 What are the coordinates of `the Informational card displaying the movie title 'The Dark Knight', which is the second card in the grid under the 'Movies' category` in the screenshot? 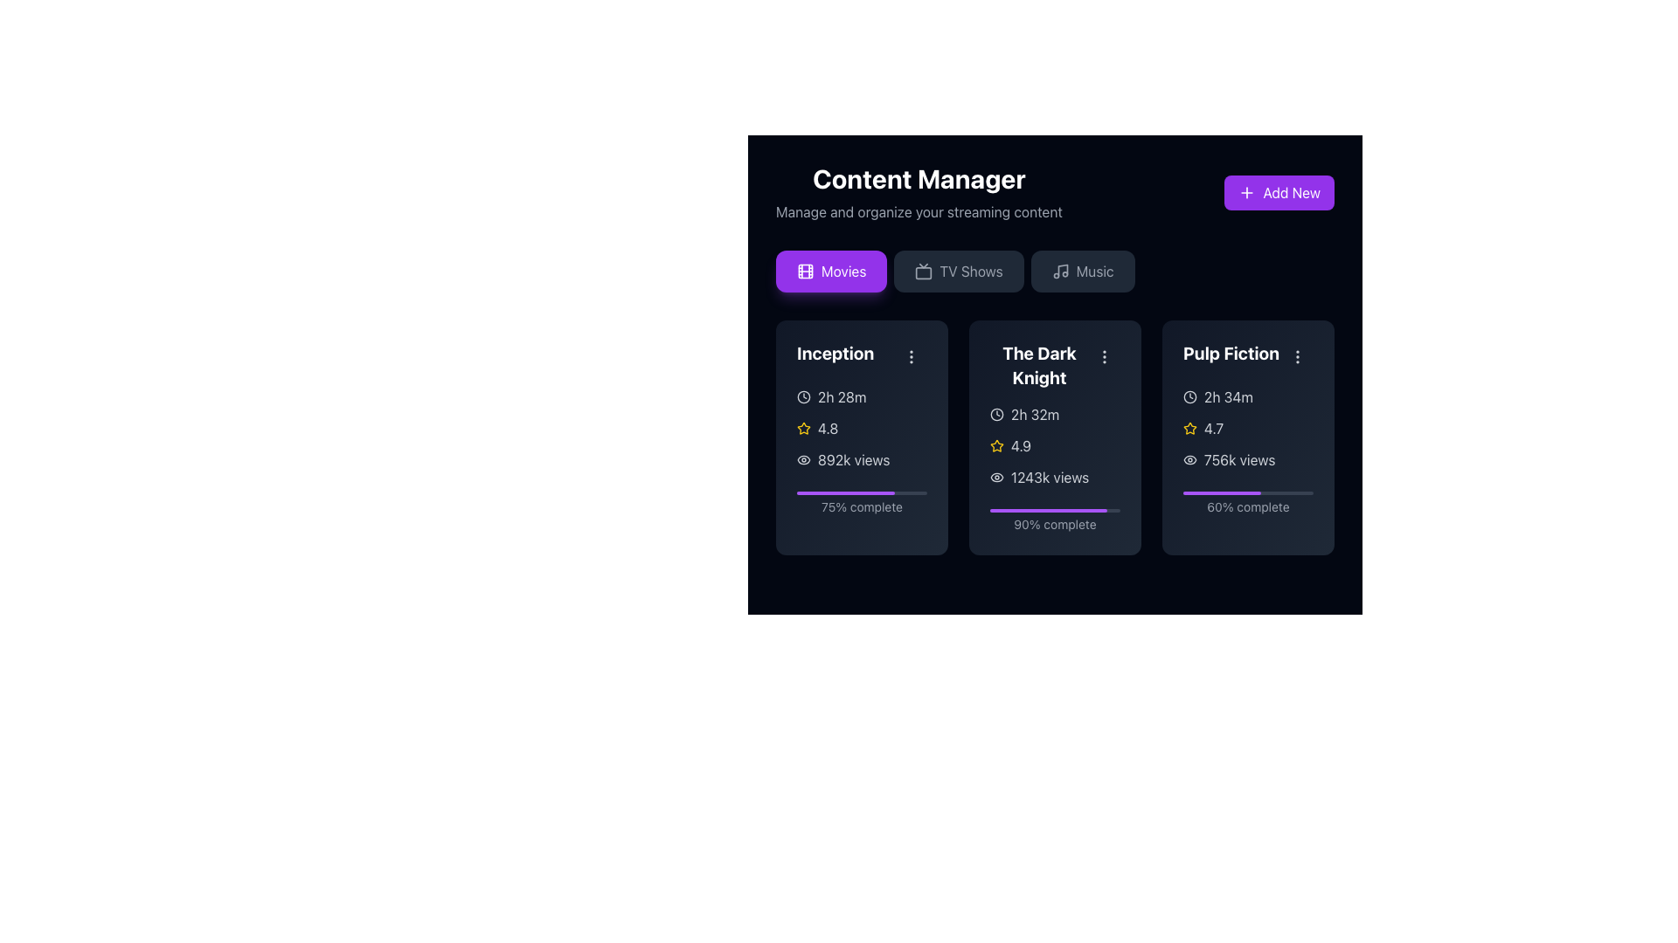 It's located at (1054, 437).